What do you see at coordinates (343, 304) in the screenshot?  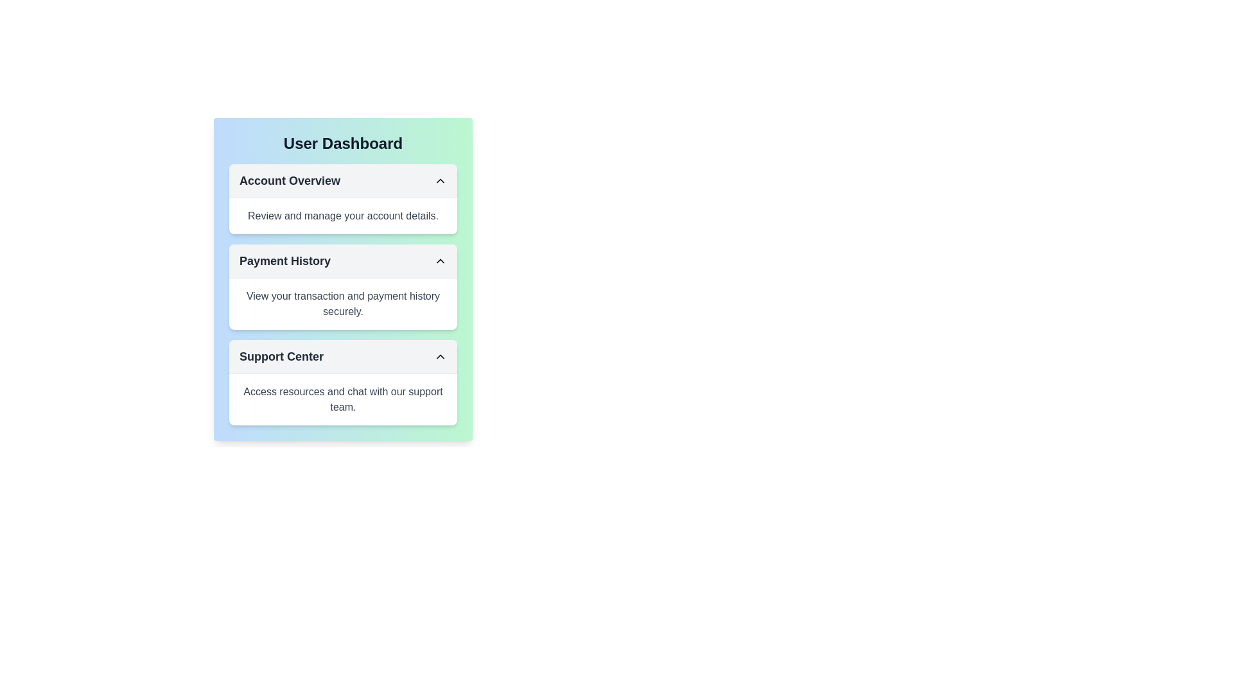 I see `the static text element that provides information about the 'Payment History' section's functionality, located centrally below the 'Payment History' title in the User Dashboard interface` at bounding box center [343, 304].